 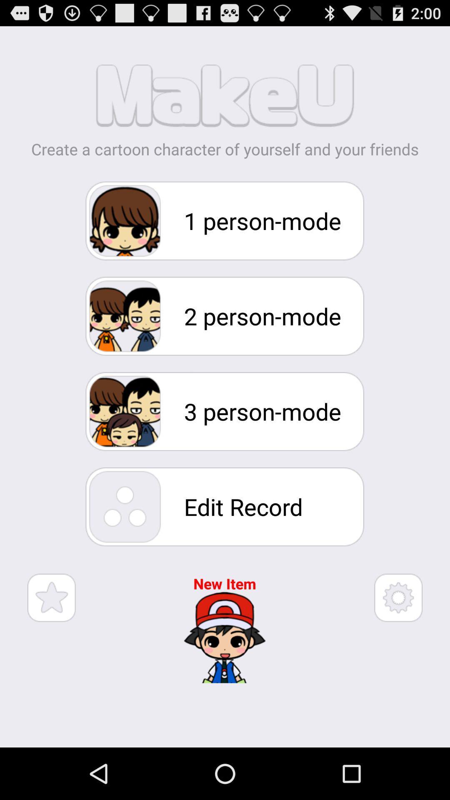 What do you see at coordinates (398, 639) in the screenshot?
I see `the settings icon` at bounding box center [398, 639].